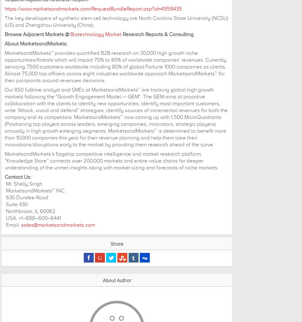 This screenshot has height=322, width=302. I want to click on 'sales@marketsandmarkets.com', so click(58, 225).